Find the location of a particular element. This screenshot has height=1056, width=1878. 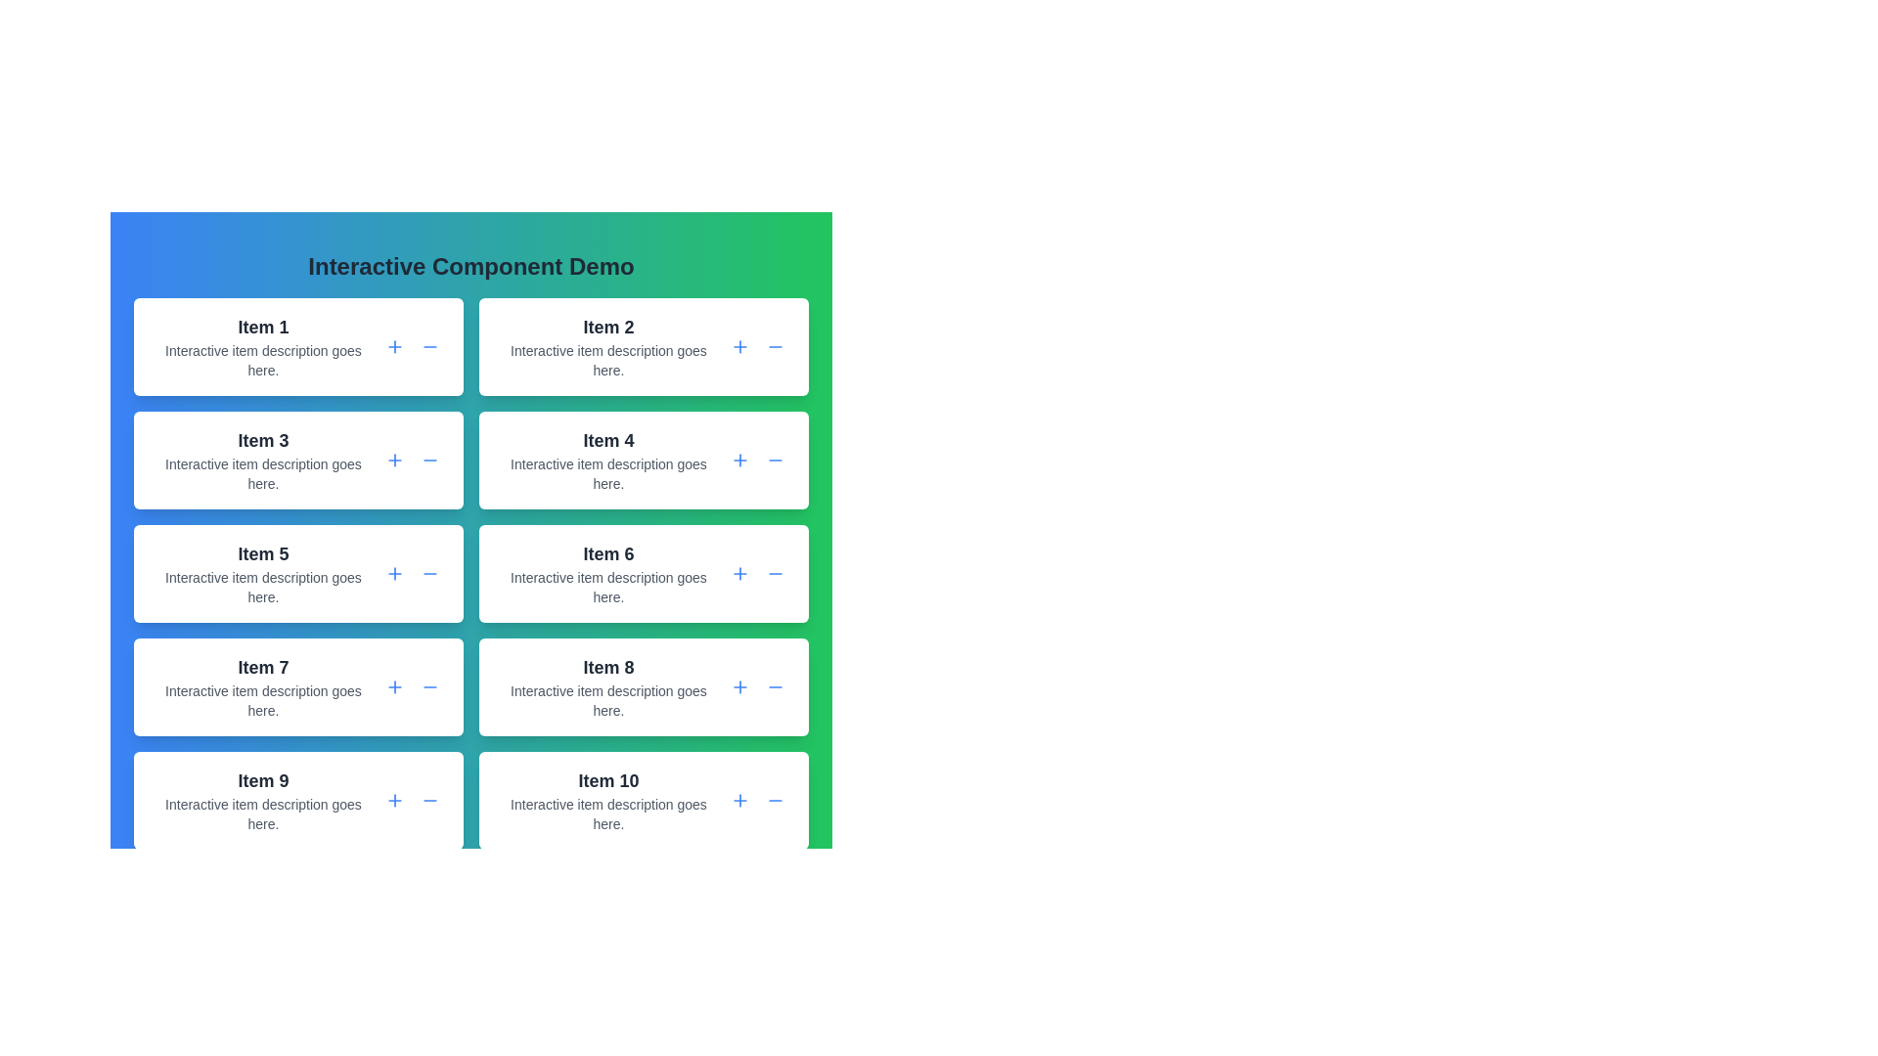

the small circular plus icon located to the right of 'Item 7' in the 'Interactive Component Demo' interface is located at coordinates (393, 685).